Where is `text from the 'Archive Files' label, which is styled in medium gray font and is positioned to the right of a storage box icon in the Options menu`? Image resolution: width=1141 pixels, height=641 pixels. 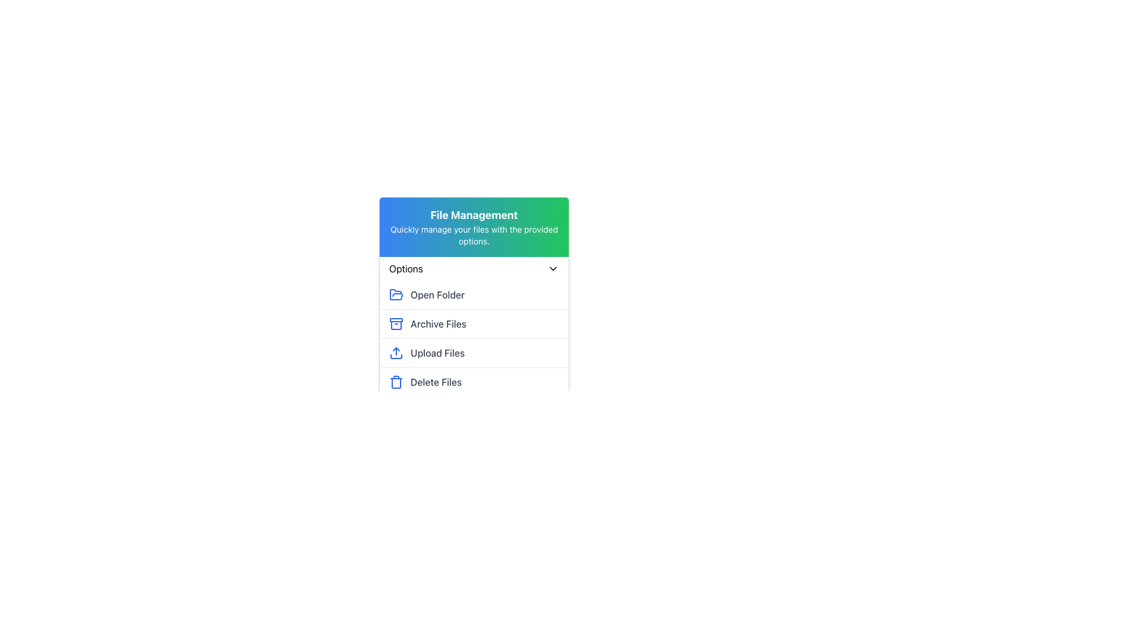 text from the 'Archive Files' label, which is styled in medium gray font and is positioned to the right of a storage box icon in the Options menu is located at coordinates (438, 324).